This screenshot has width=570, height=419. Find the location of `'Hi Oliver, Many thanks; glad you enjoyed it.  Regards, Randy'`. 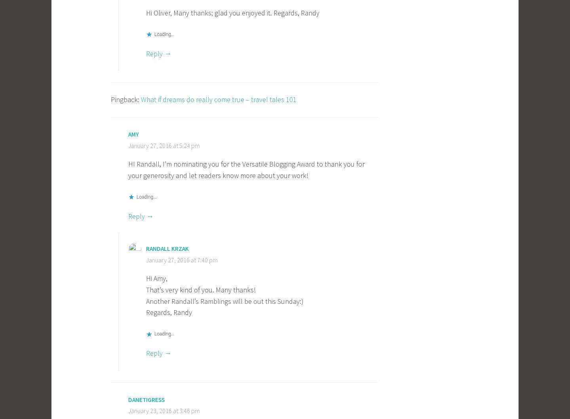

'Hi Oliver, Many thanks; glad you enjoyed it.  Regards, Randy' is located at coordinates (232, 12).